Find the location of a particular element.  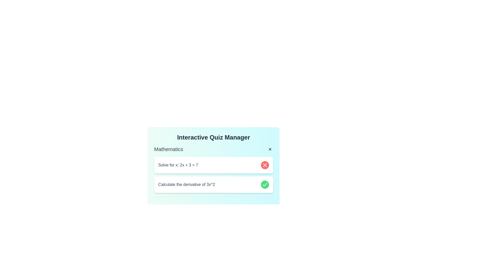

the interactive task unit containing the prompt 'Calculate the derivative of 3x^2' and its confirmation button is located at coordinates (213, 185).